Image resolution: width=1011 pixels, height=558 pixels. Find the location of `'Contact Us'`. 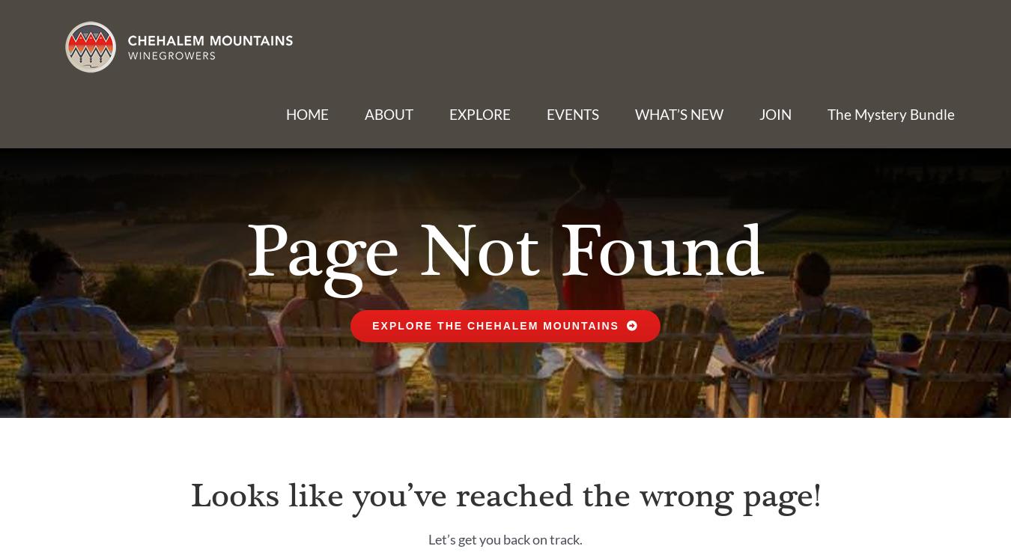

'Contact Us' is located at coordinates (801, 165).